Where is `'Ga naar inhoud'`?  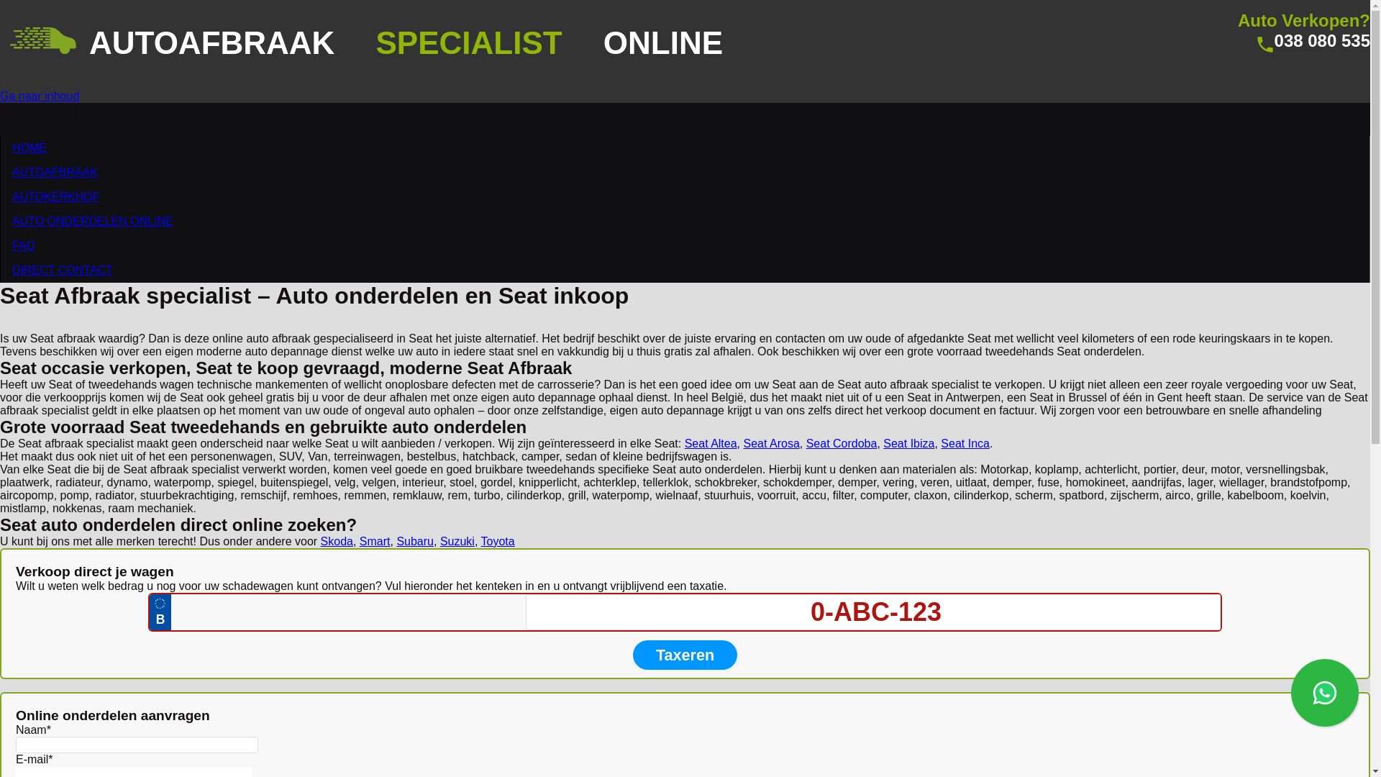
'Ga naar inhoud' is located at coordinates (39, 96).